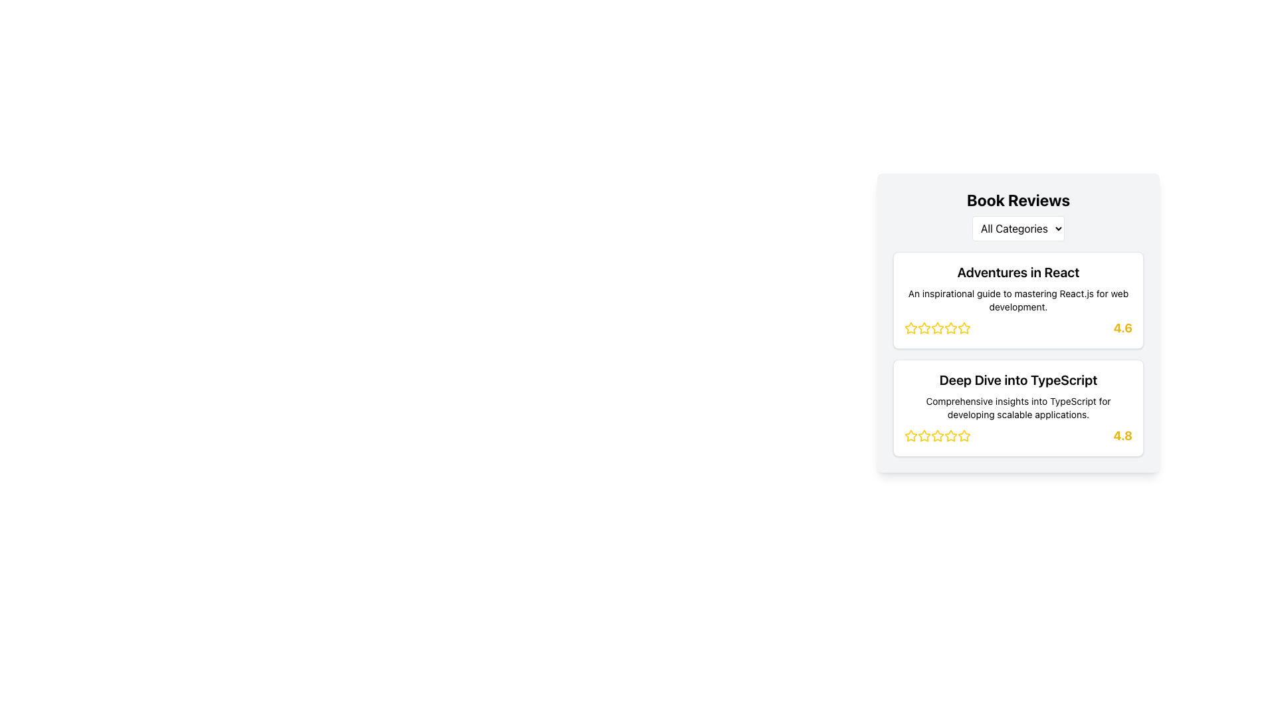  What do you see at coordinates (950, 435) in the screenshot?
I see `the fifth star icon in the rating system under the title 'Deep Dive into TypeScript'` at bounding box center [950, 435].